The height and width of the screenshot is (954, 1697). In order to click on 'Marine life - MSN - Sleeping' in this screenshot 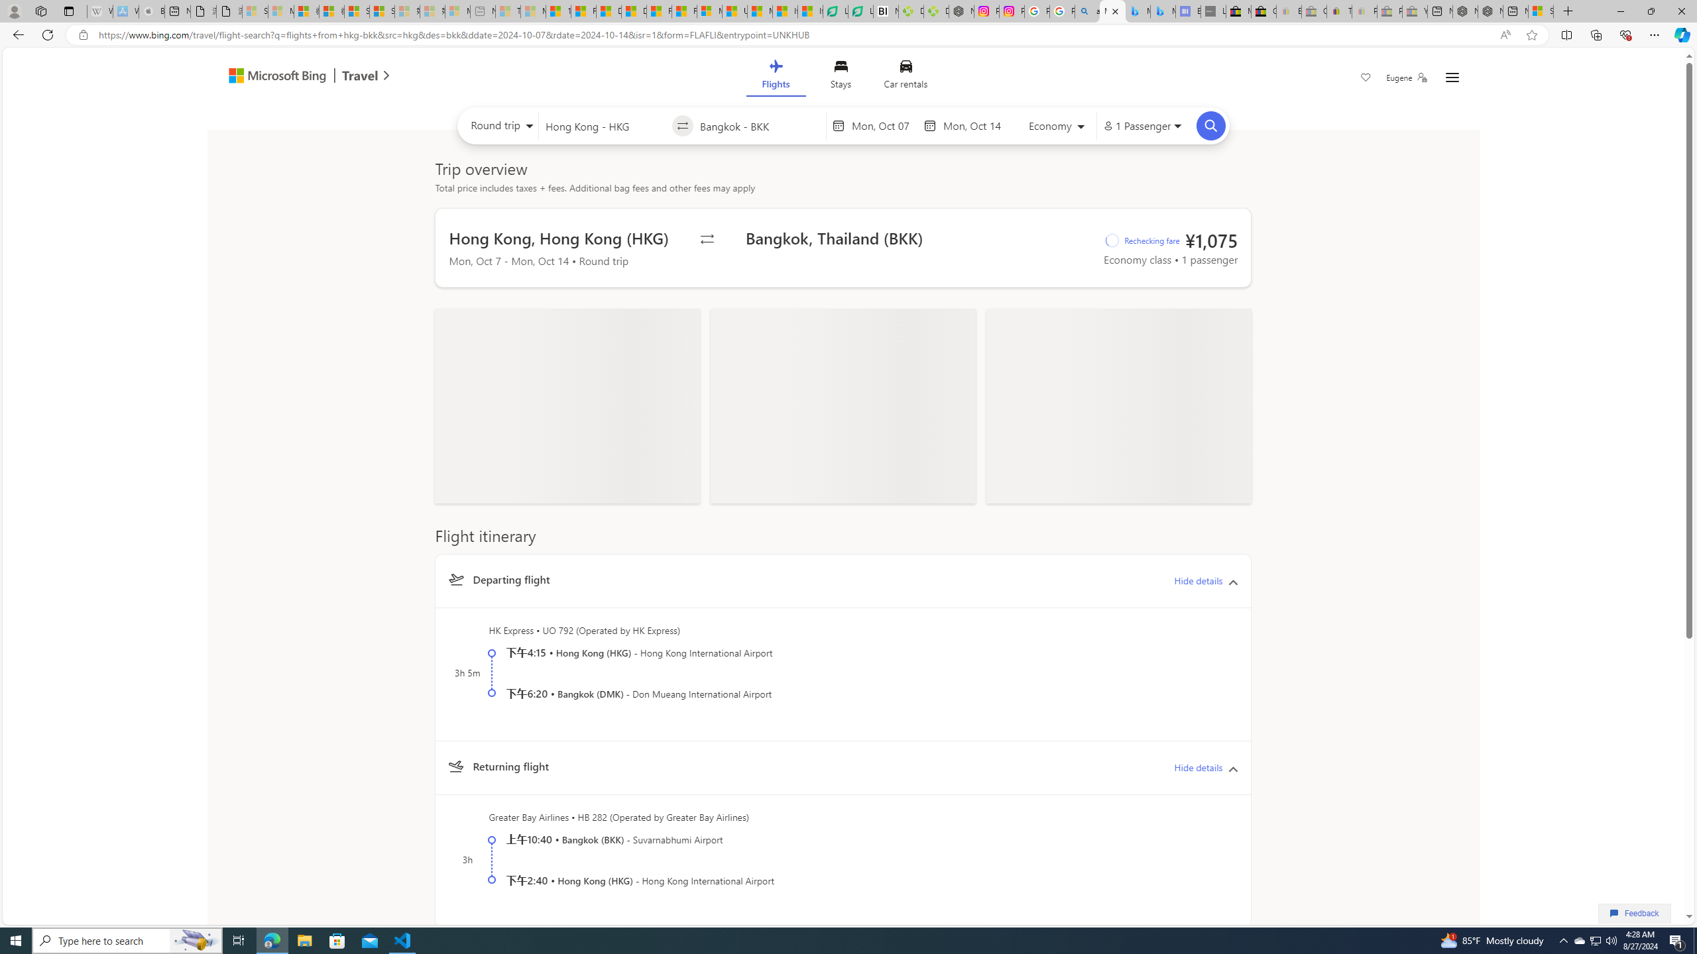, I will do `click(533, 11)`.